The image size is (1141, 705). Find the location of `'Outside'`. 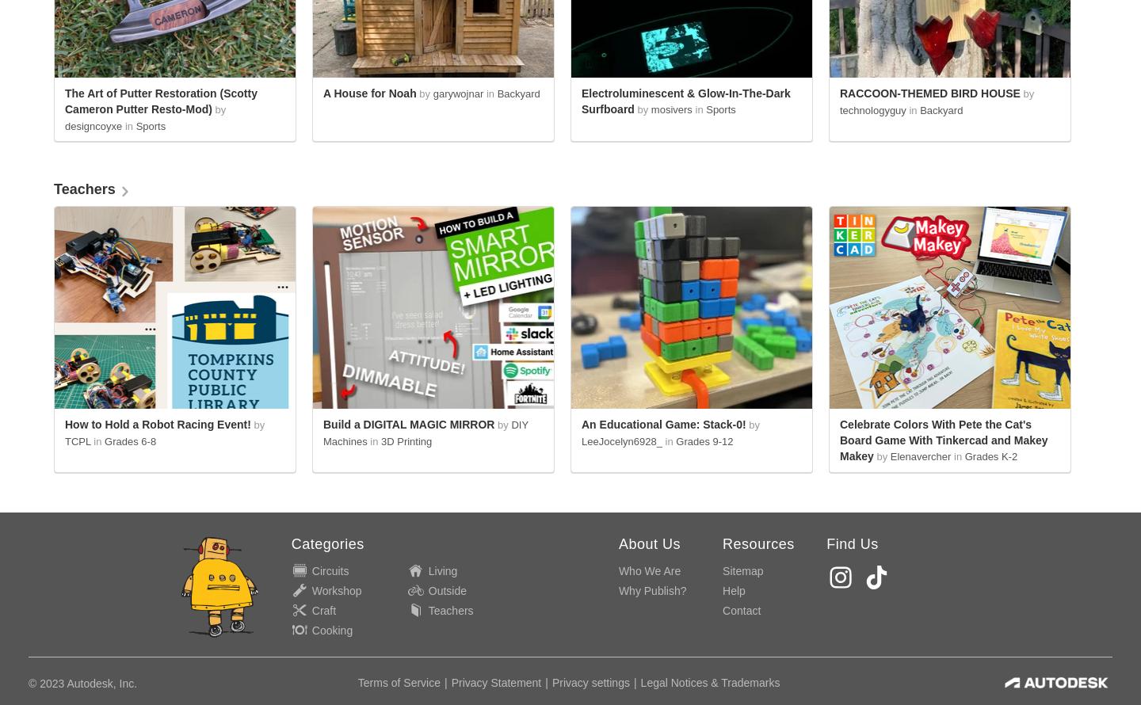

'Outside' is located at coordinates (447, 590).